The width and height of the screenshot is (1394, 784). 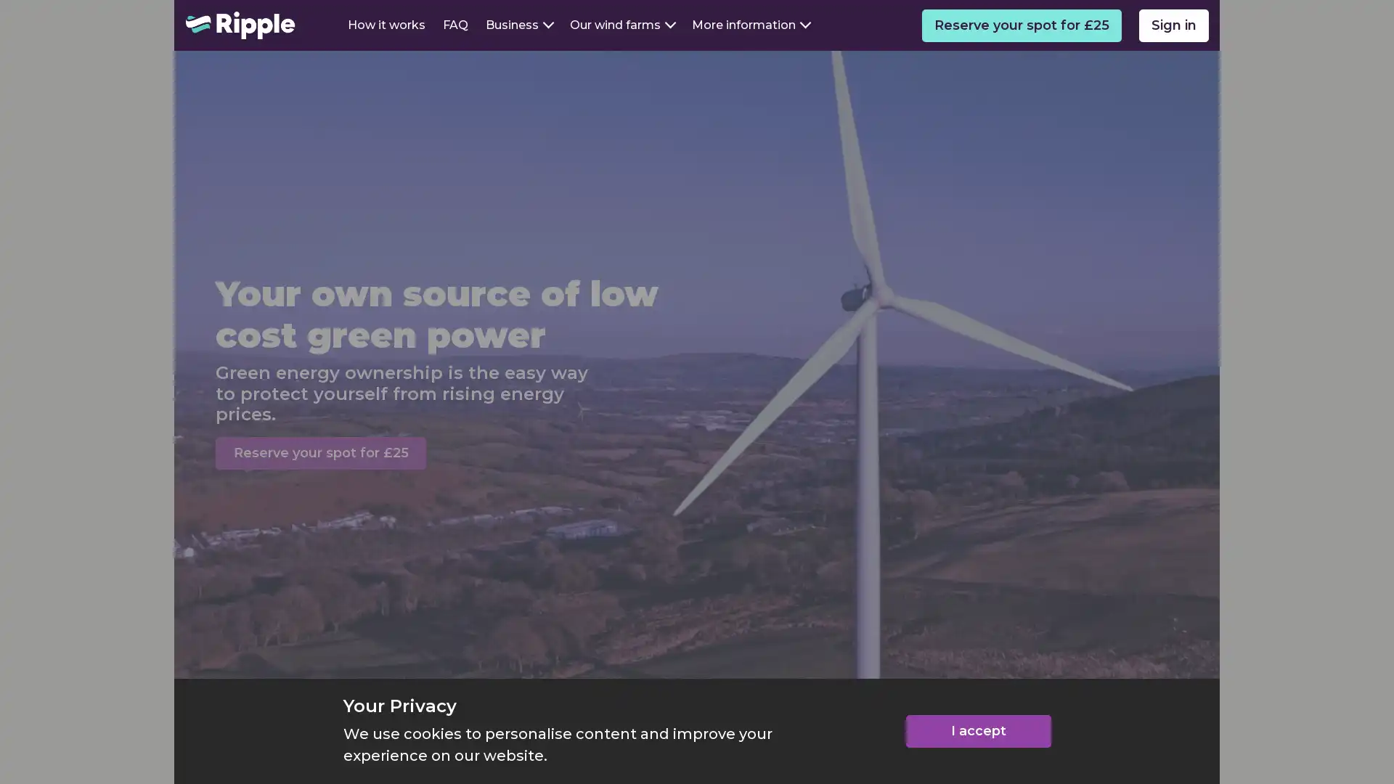 I want to click on Reserve your spot for 25, so click(x=319, y=452).